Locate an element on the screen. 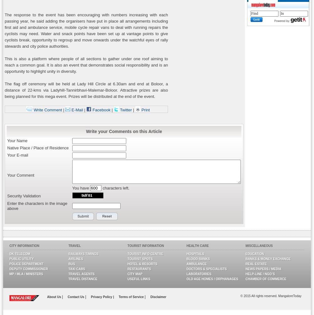 This screenshot has height=315, width=314. 'Your Comment' is located at coordinates (20, 175).